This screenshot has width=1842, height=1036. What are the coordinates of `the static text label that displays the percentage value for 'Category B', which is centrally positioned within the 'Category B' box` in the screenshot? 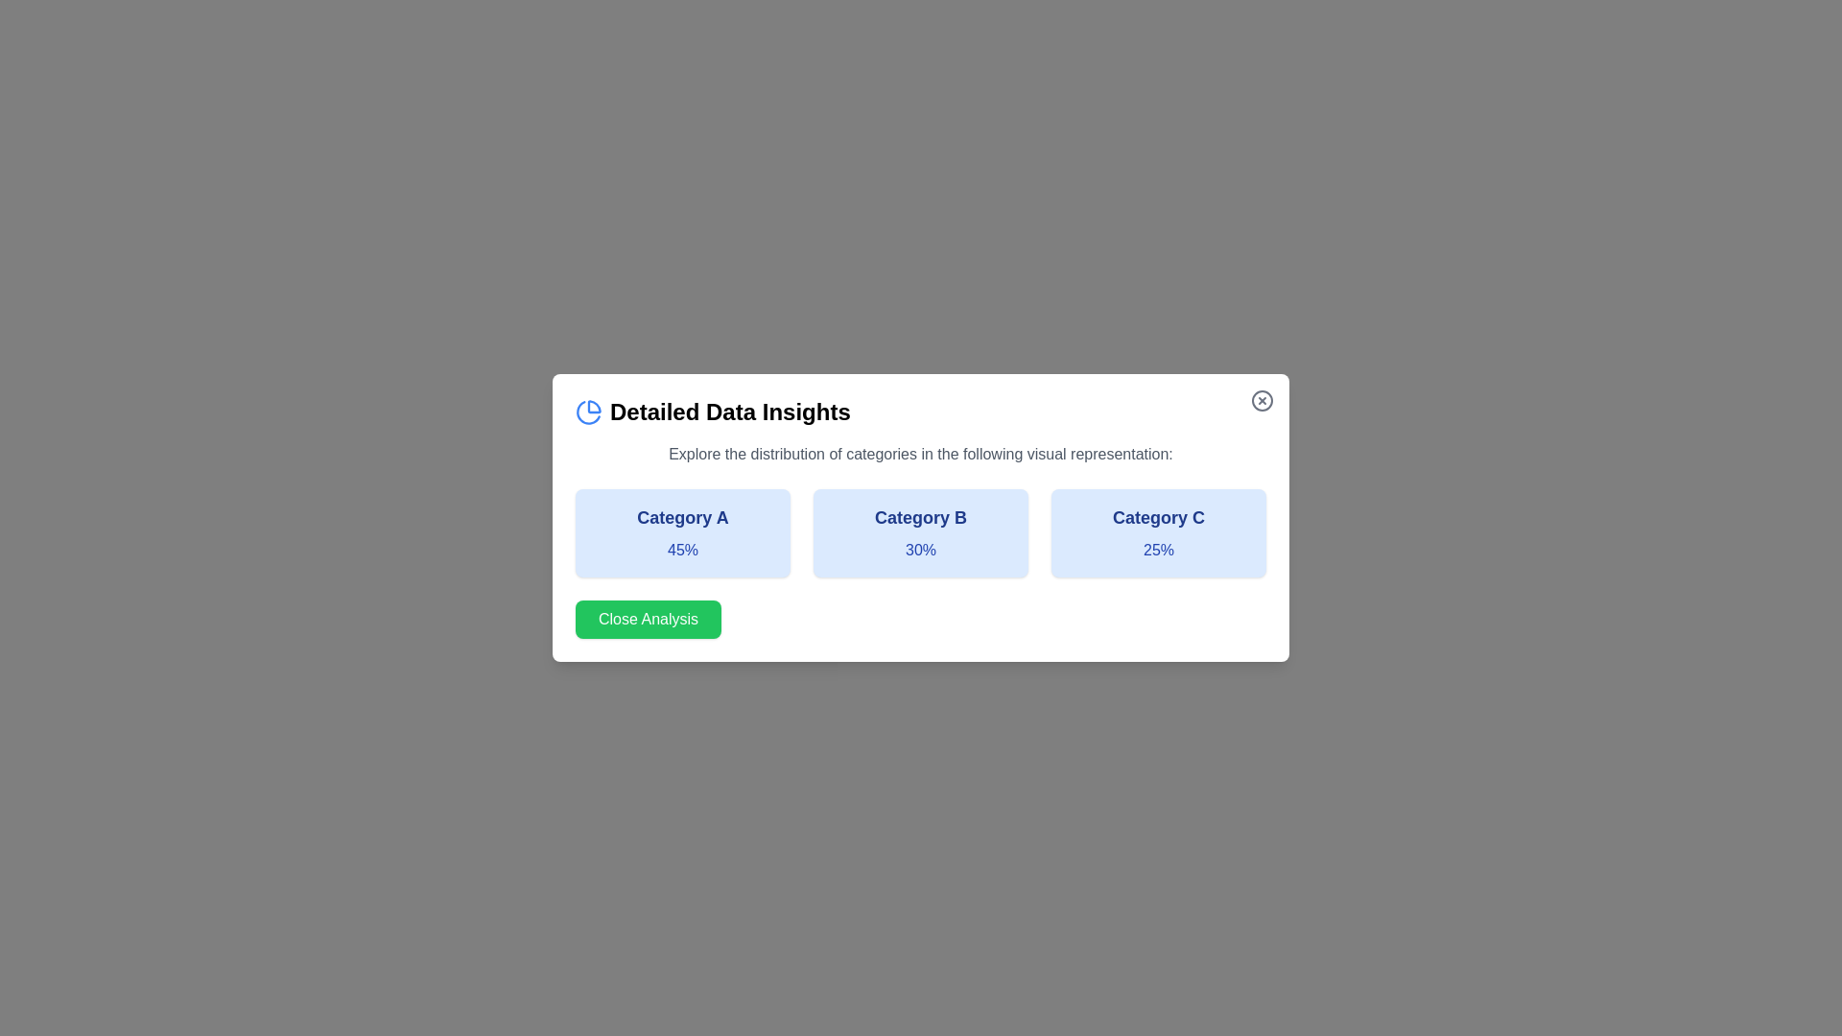 It's located at (921, 551).